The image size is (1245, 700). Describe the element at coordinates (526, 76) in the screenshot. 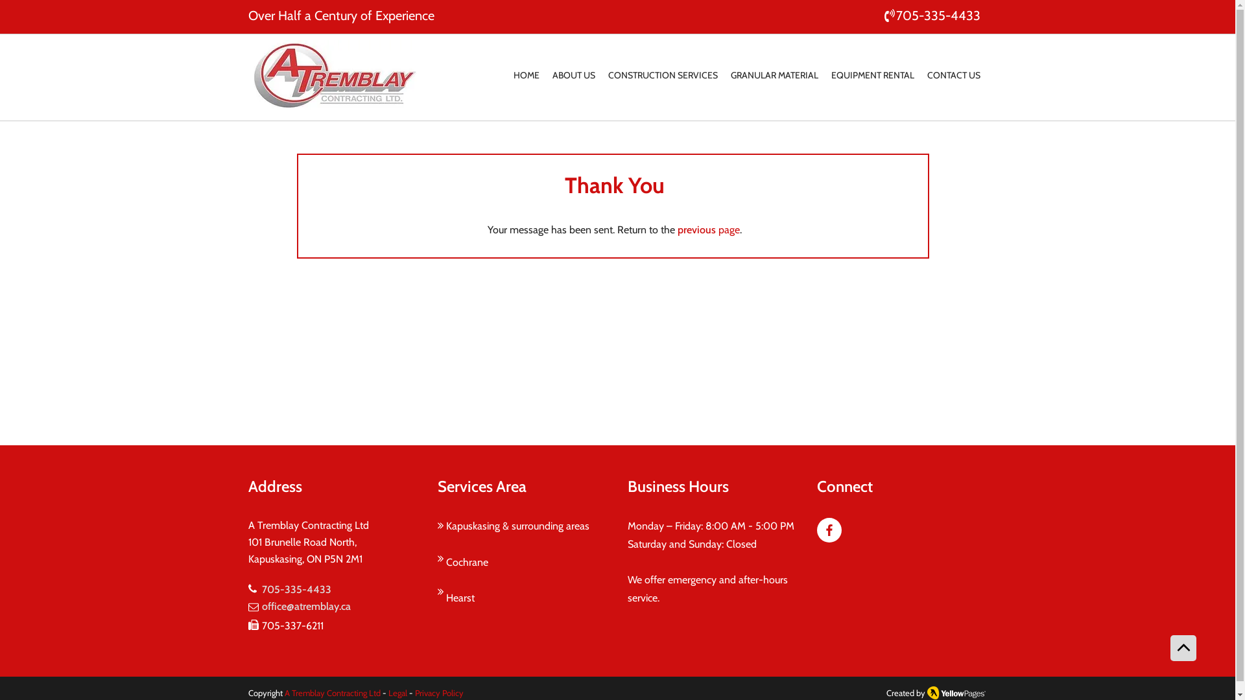

I see `'HOME'` at that location.